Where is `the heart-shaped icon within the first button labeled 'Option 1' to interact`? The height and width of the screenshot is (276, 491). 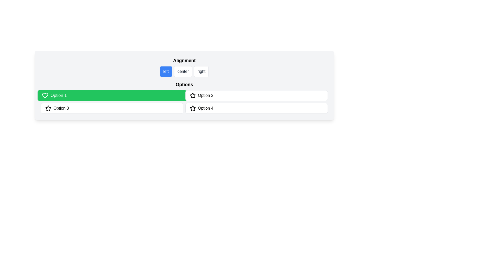 the heart-shaped icon within the first button labeled 'Option 1' to interact is located at coordinates (45, 96).